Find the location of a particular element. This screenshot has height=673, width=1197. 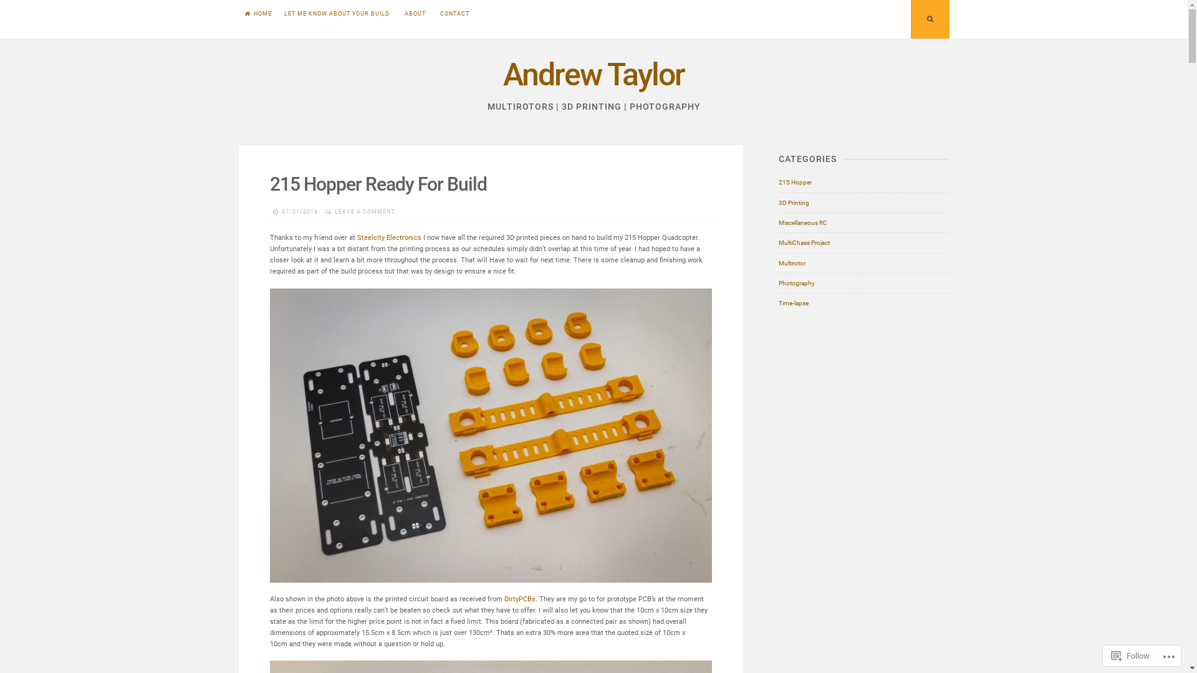

'HOME' is located at coordinates (257, 14).